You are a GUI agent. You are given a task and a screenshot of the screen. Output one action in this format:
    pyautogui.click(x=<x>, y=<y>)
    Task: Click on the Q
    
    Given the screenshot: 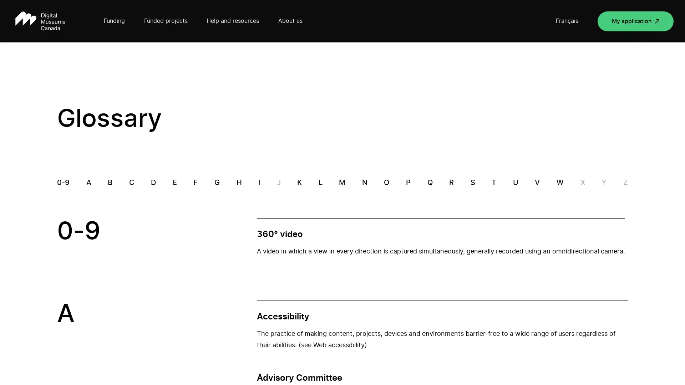 What is the action you would take?
    pyautogui.click(x=429, y=183)
    